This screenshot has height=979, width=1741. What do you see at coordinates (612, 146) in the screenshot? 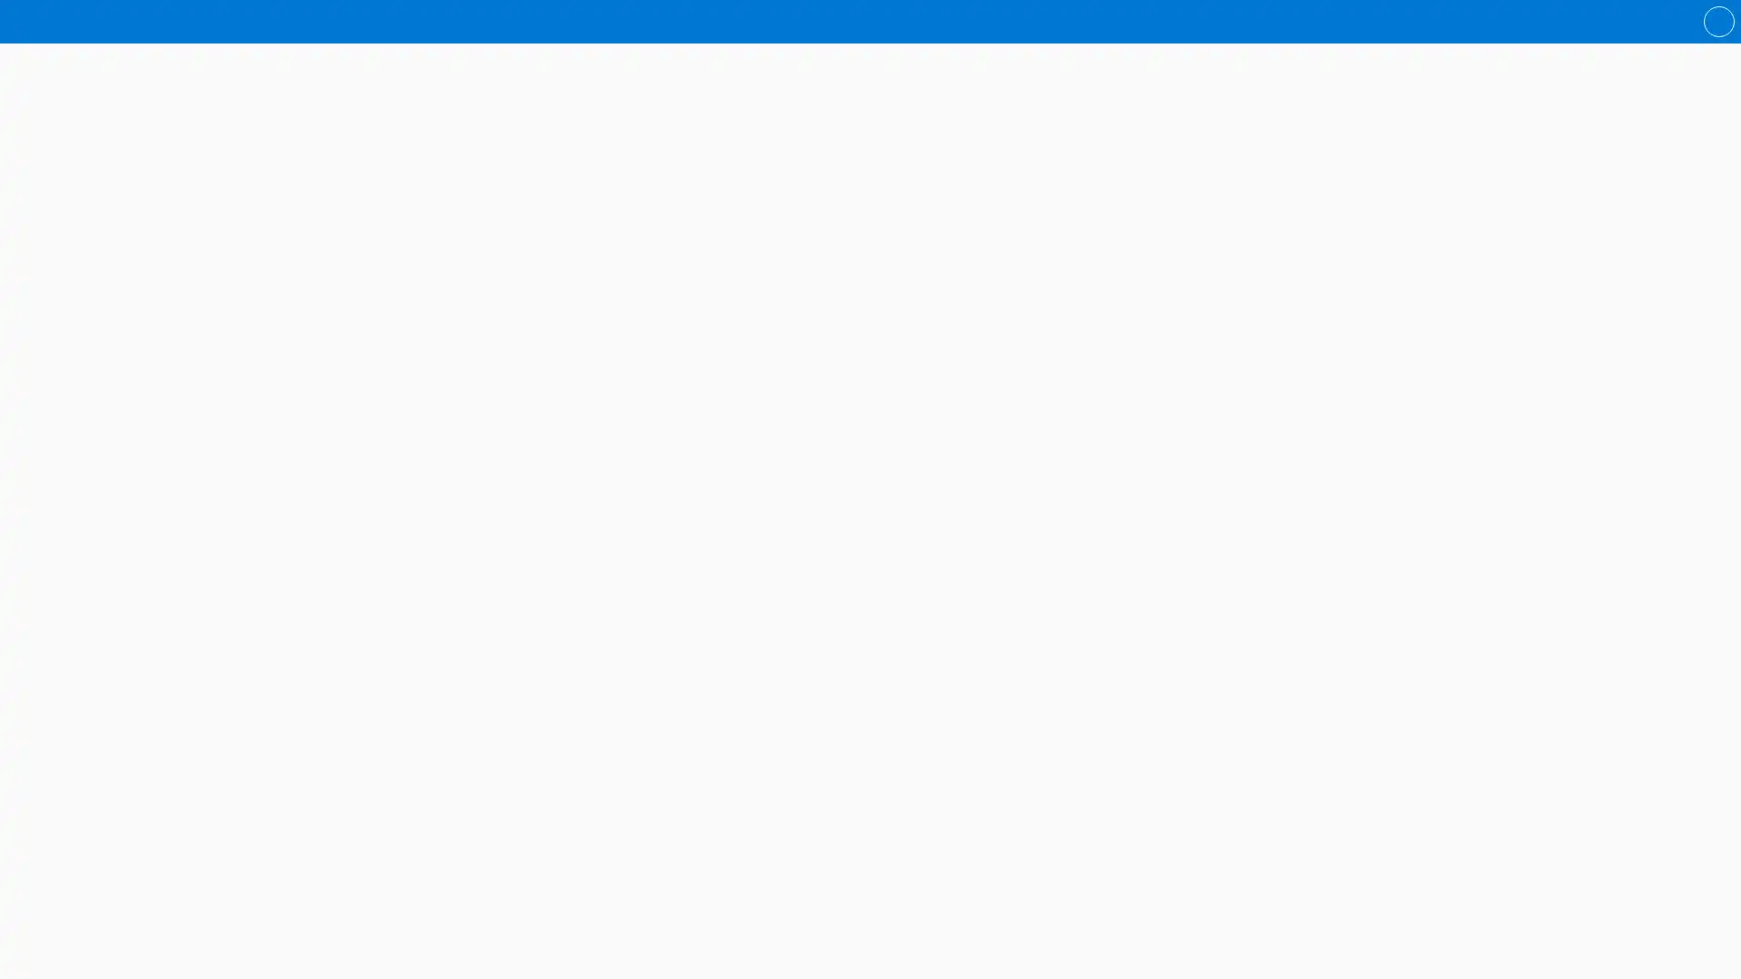
I see `Australian Curriculum notes Frankie Dupont Mysteries folder is shared` at bounding box center [612, 146].